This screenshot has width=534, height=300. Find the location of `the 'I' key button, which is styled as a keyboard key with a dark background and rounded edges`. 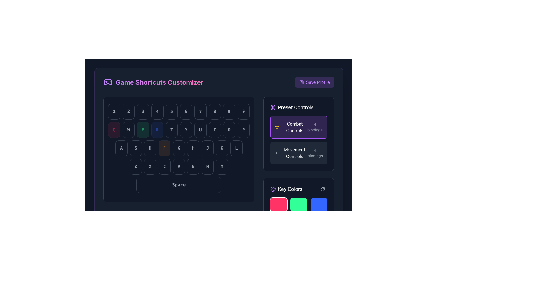

the 'I' key button, which is styled as a keyboard key with a dark background and rounded edges is located at coordinates (214, 130).